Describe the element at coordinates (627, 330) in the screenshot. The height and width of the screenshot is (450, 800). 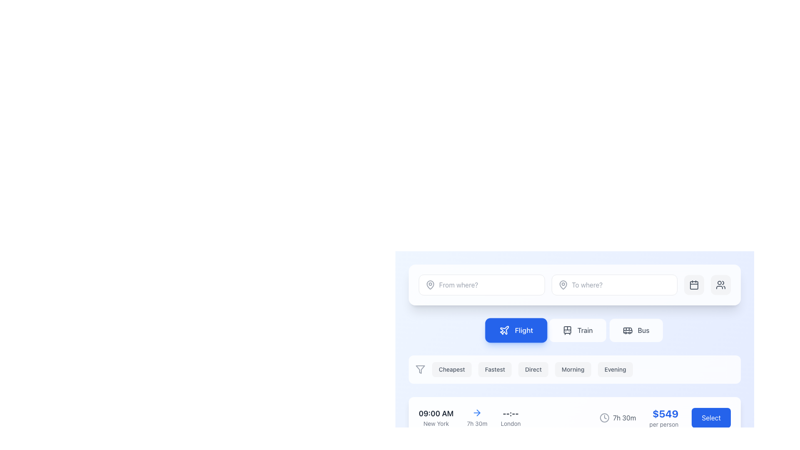
I see `the decorative SVG icon representing 'Bus' located within the transportation selection button, positioned to the right of the 'Train' button and below the 'To where?' text field` at that location.